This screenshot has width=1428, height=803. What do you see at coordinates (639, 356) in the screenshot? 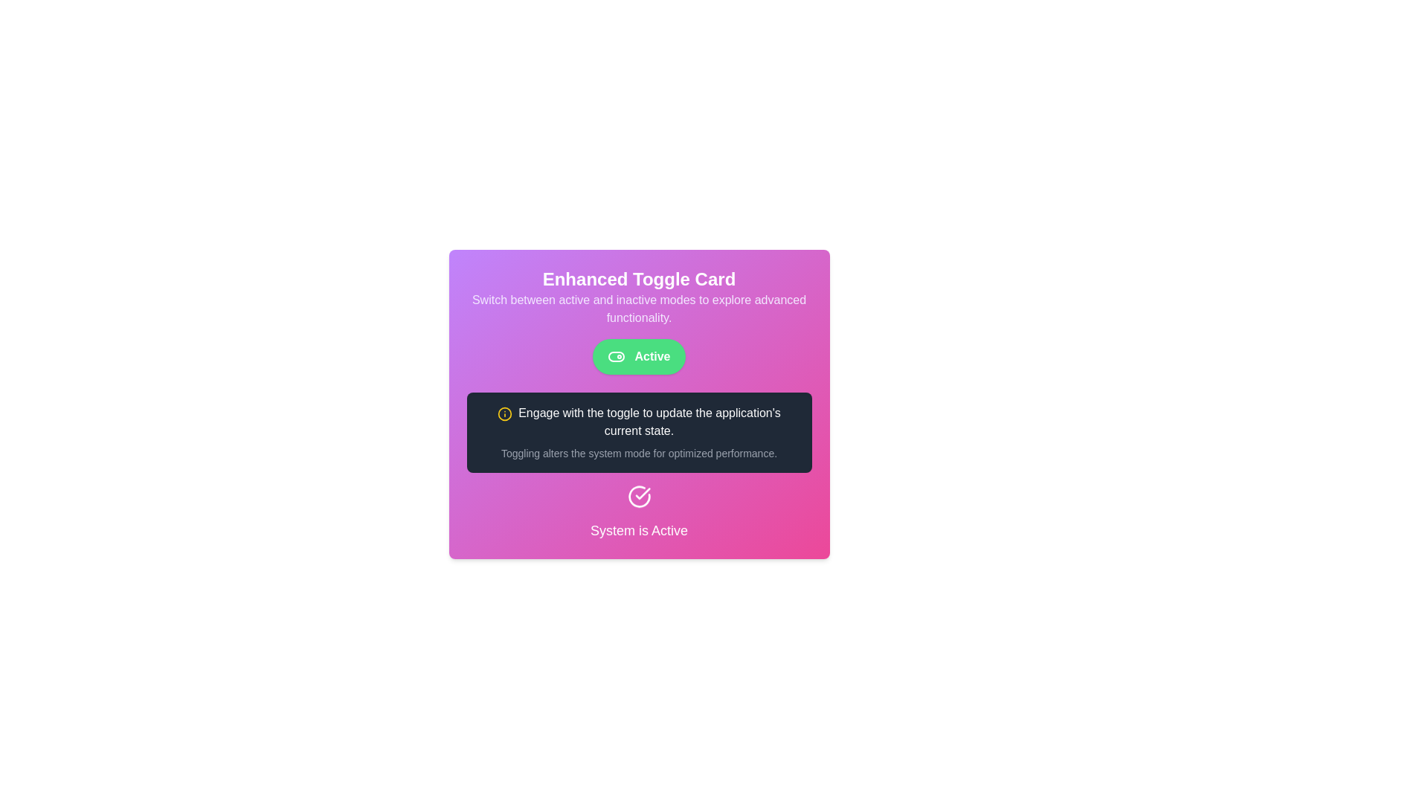
I see `the toggle button located in the central-upper portion of the 'Enhanced Toggle Card'` at bounding box center [639, 356].